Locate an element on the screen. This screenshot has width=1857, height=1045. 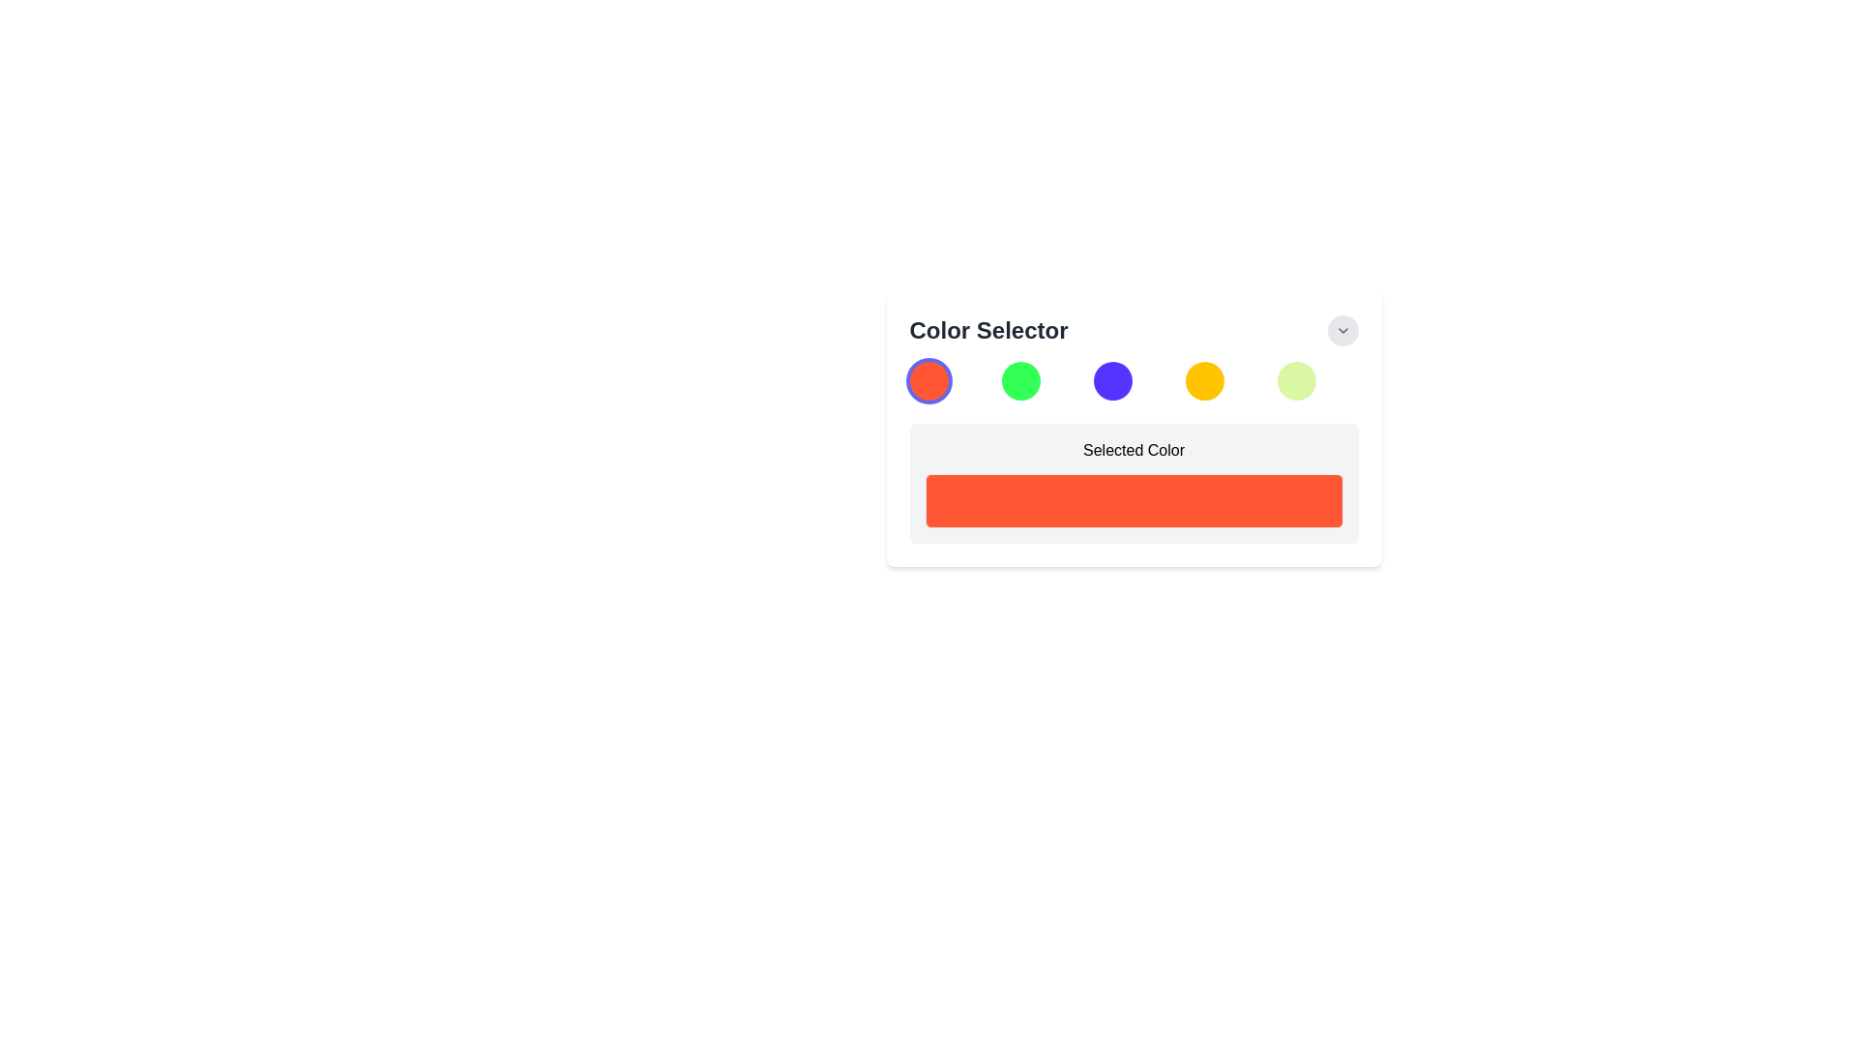
the fifth circular button in the color selection tool is located at coordinates (1297, 380).